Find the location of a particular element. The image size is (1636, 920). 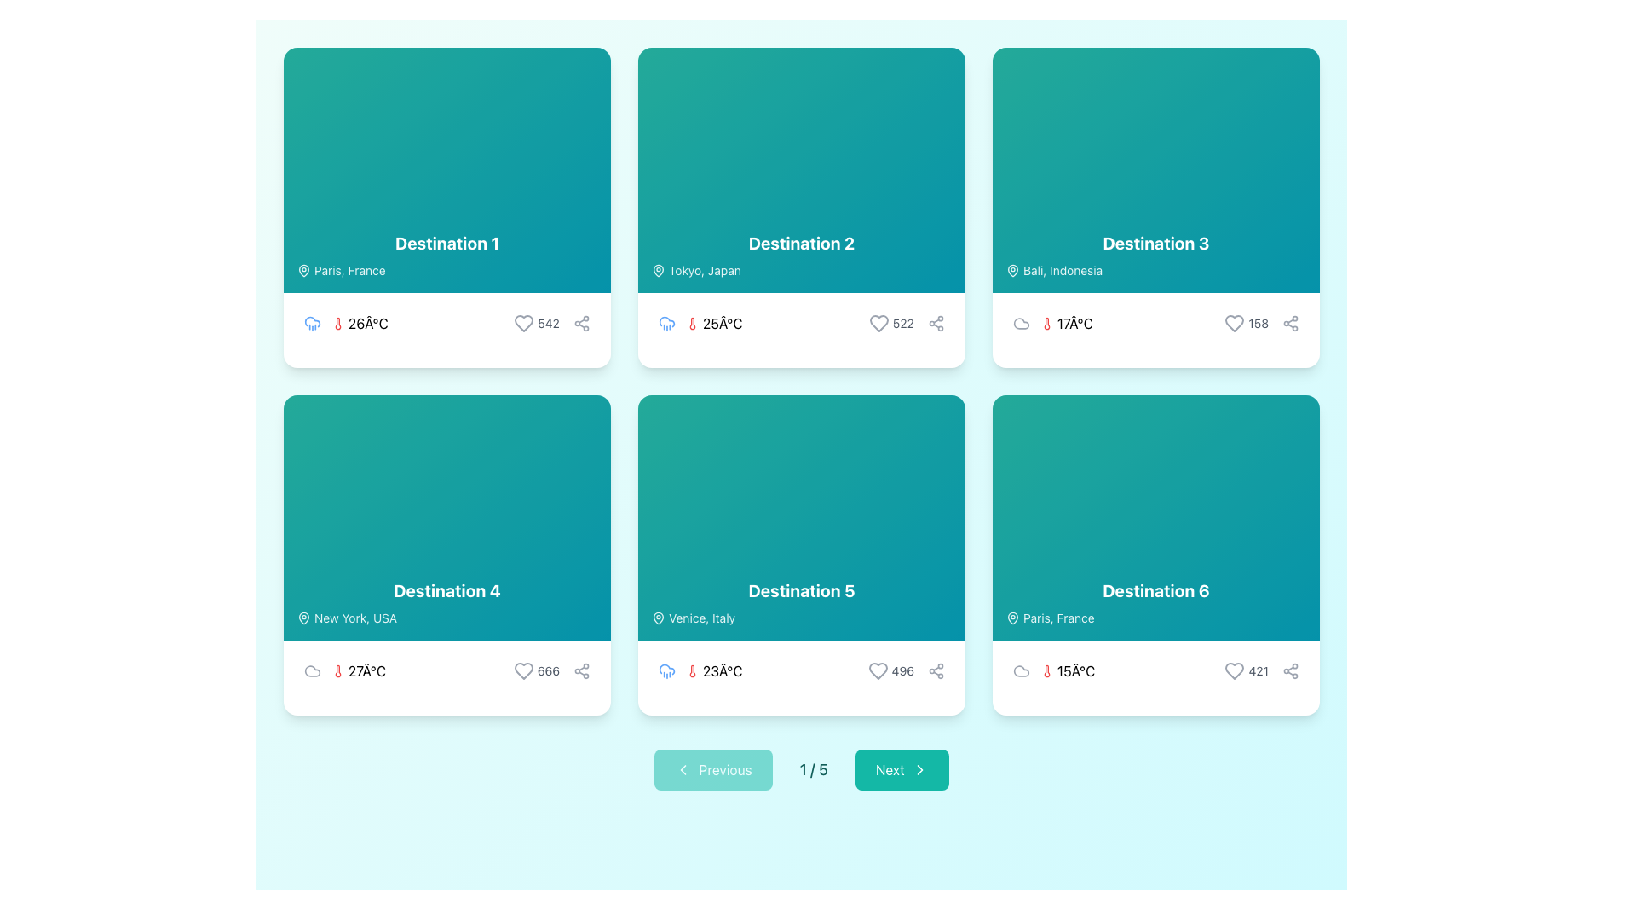

the thermometer icon in the weather display row of the 'Destination 3' card, which represents the temperature is located at coordinates (1046, 324).